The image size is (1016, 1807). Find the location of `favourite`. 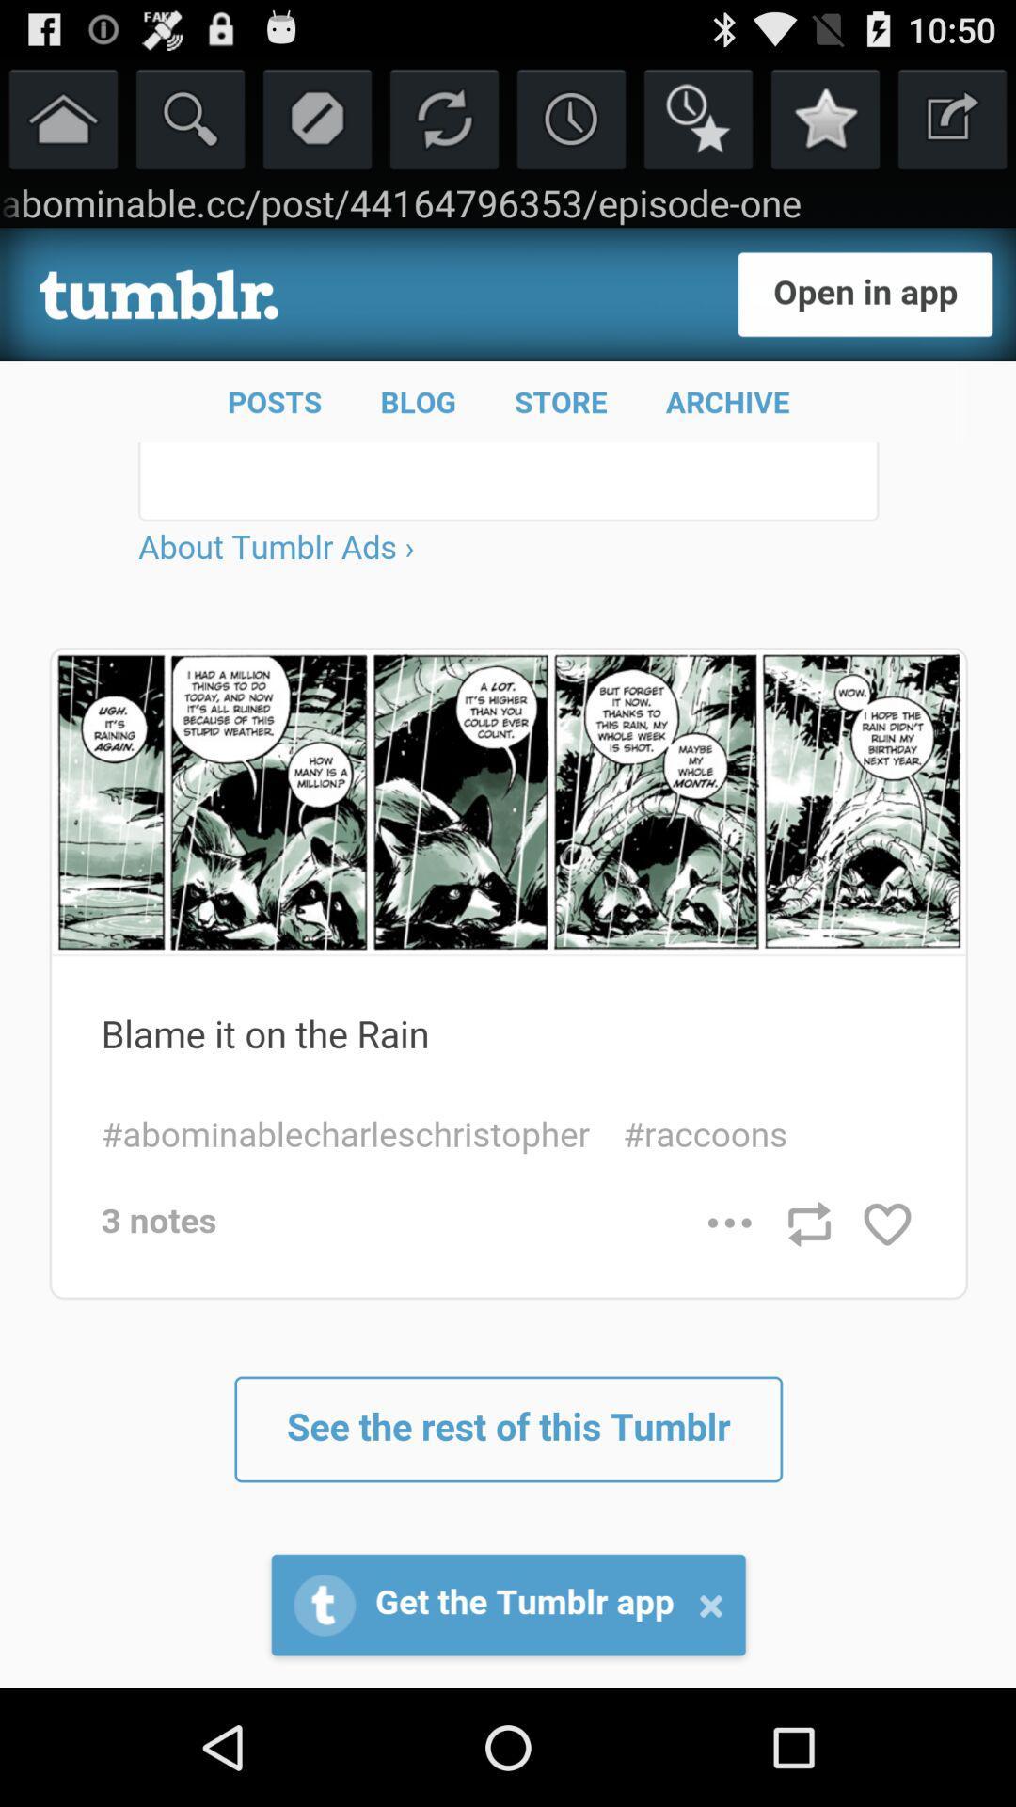

favourite is located at coordinates (698, 117).